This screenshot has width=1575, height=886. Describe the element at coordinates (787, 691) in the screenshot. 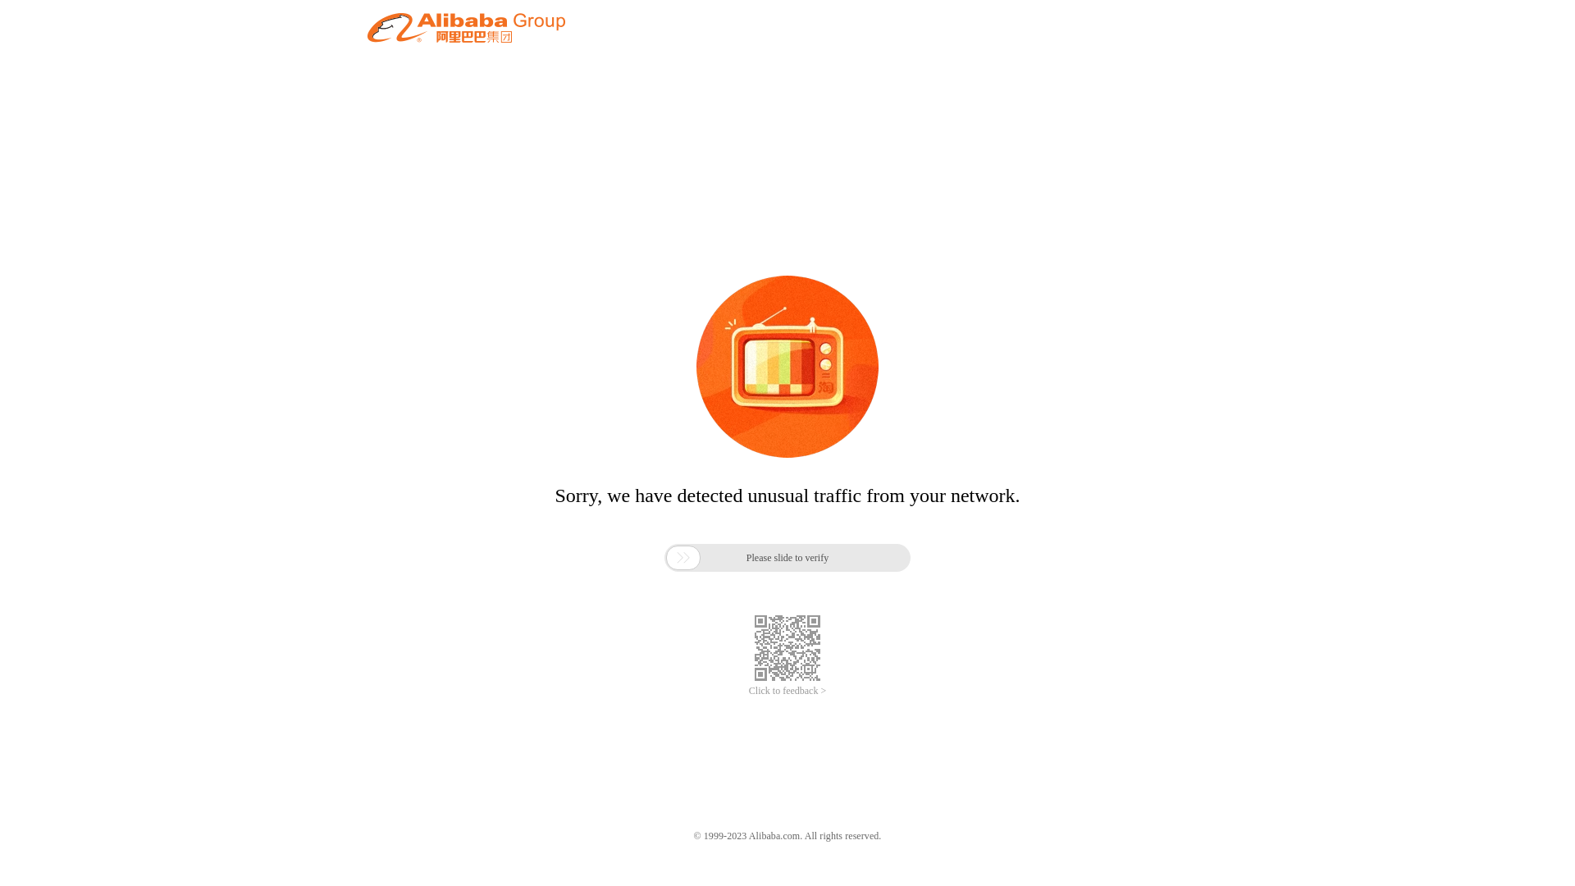

I see `'Click to feedback >'` at that location.